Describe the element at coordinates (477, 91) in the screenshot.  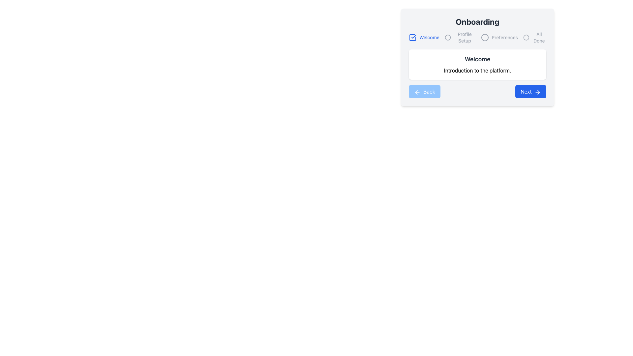
I see `the 'Next' button in the Button Group located at the bottom of the onboarding window` at that location.